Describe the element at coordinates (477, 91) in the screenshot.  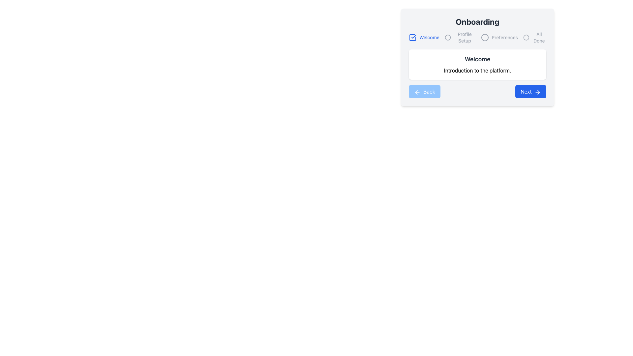
I see `the 'Next' button in the Button Group located at the bottom of the onboarding window` at that location.